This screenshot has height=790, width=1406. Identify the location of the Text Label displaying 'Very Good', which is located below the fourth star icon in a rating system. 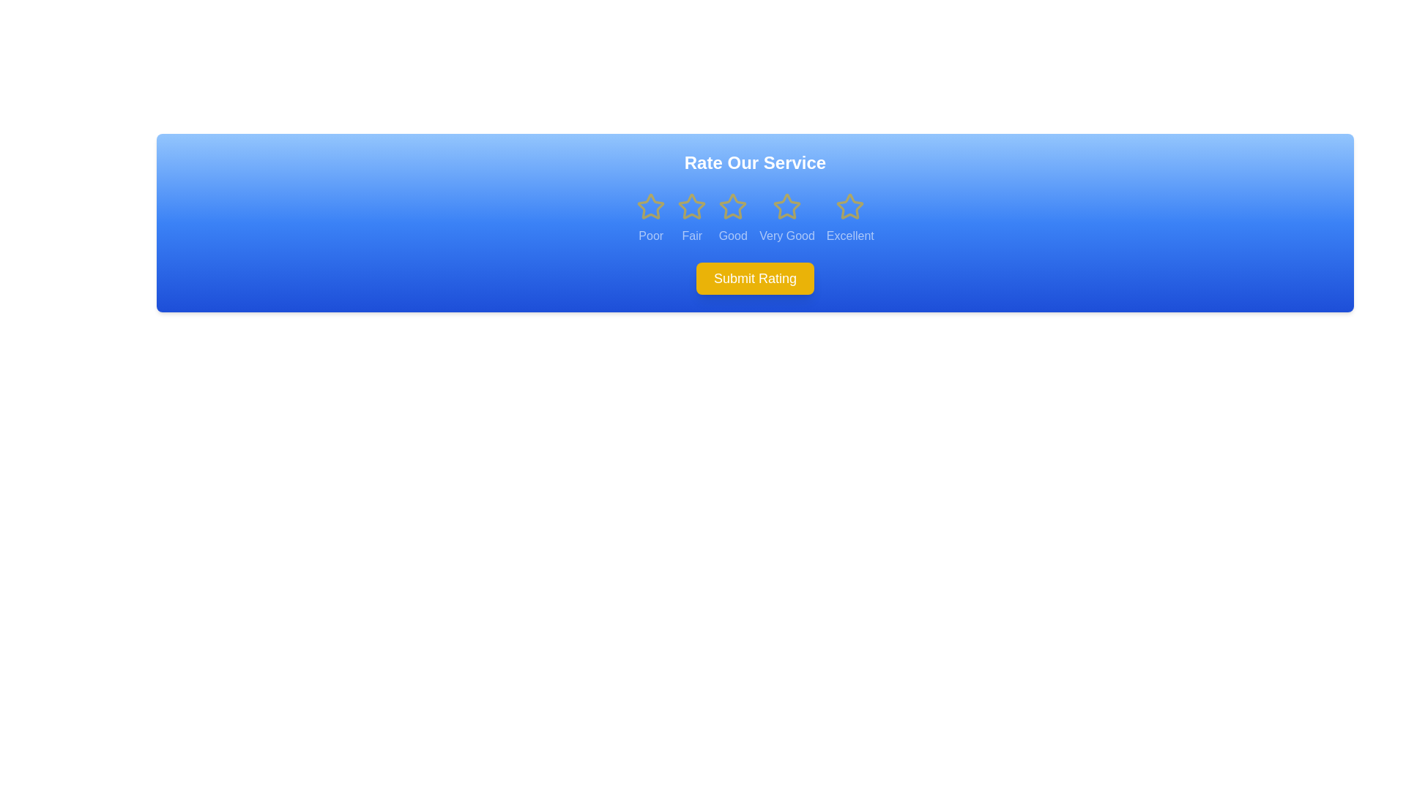
(786, 236).